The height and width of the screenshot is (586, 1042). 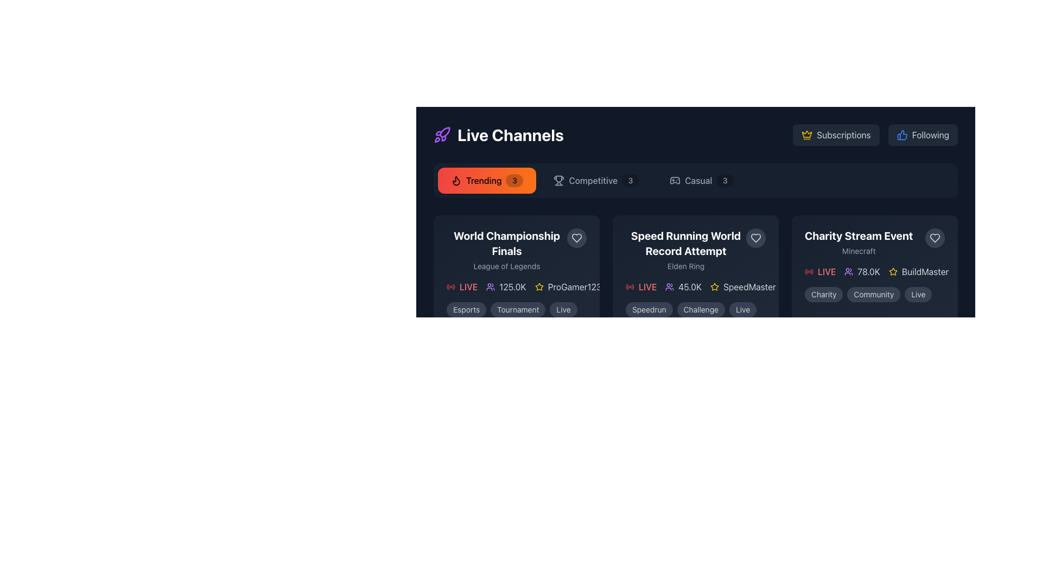 I want to click on the third card in the horizontally aligned list, which contains the text 'Charity Stream Event' in bold white and a heart icon in the top-right corner, so click(x=875, y=265).